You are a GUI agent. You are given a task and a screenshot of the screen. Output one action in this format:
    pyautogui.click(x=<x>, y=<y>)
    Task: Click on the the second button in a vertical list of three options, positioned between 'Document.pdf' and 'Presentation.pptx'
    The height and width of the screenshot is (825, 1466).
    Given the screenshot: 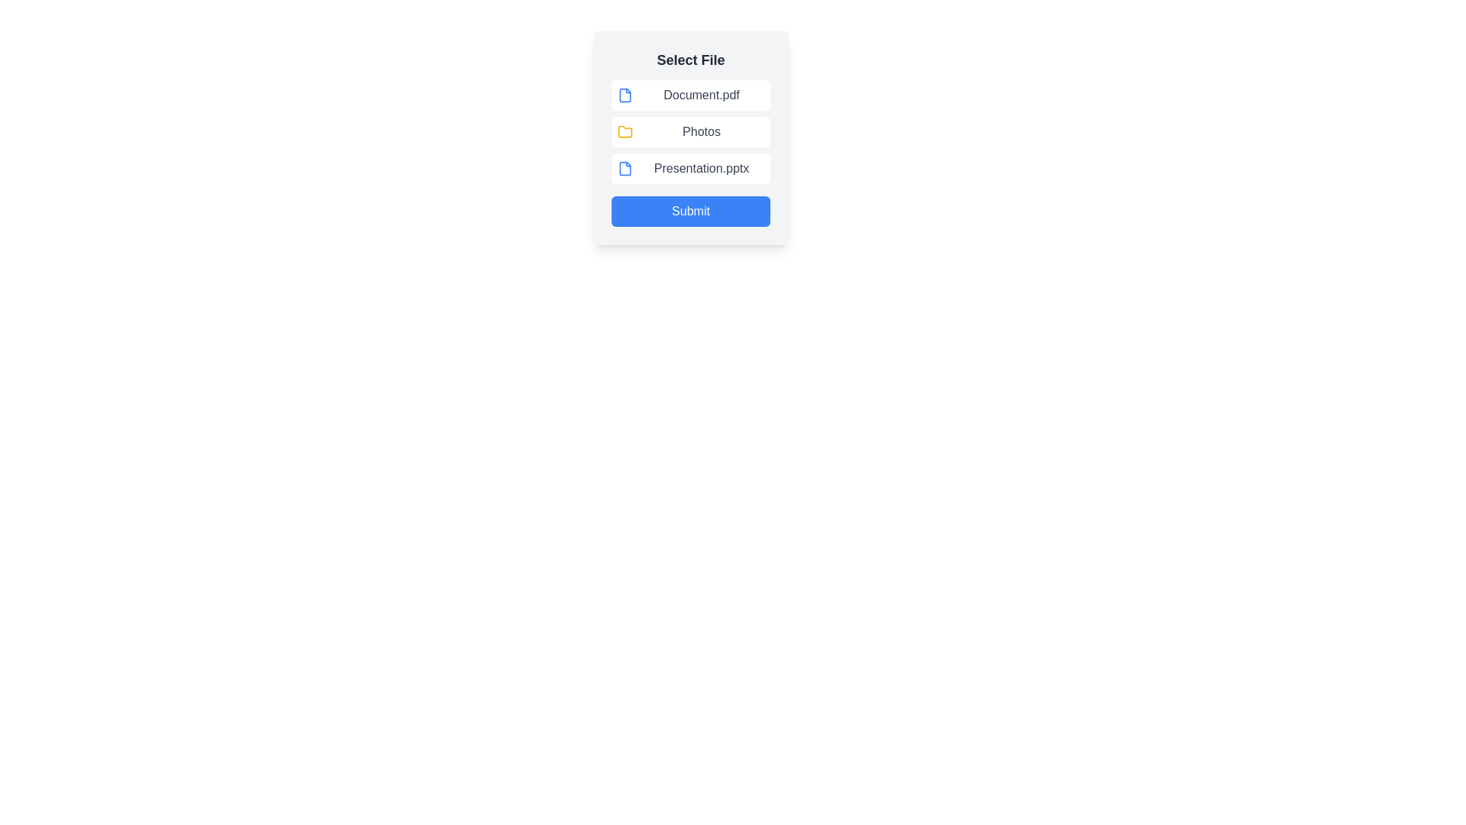 What is the action you would take?
    pyautogui.click(x=690, y=131)
    